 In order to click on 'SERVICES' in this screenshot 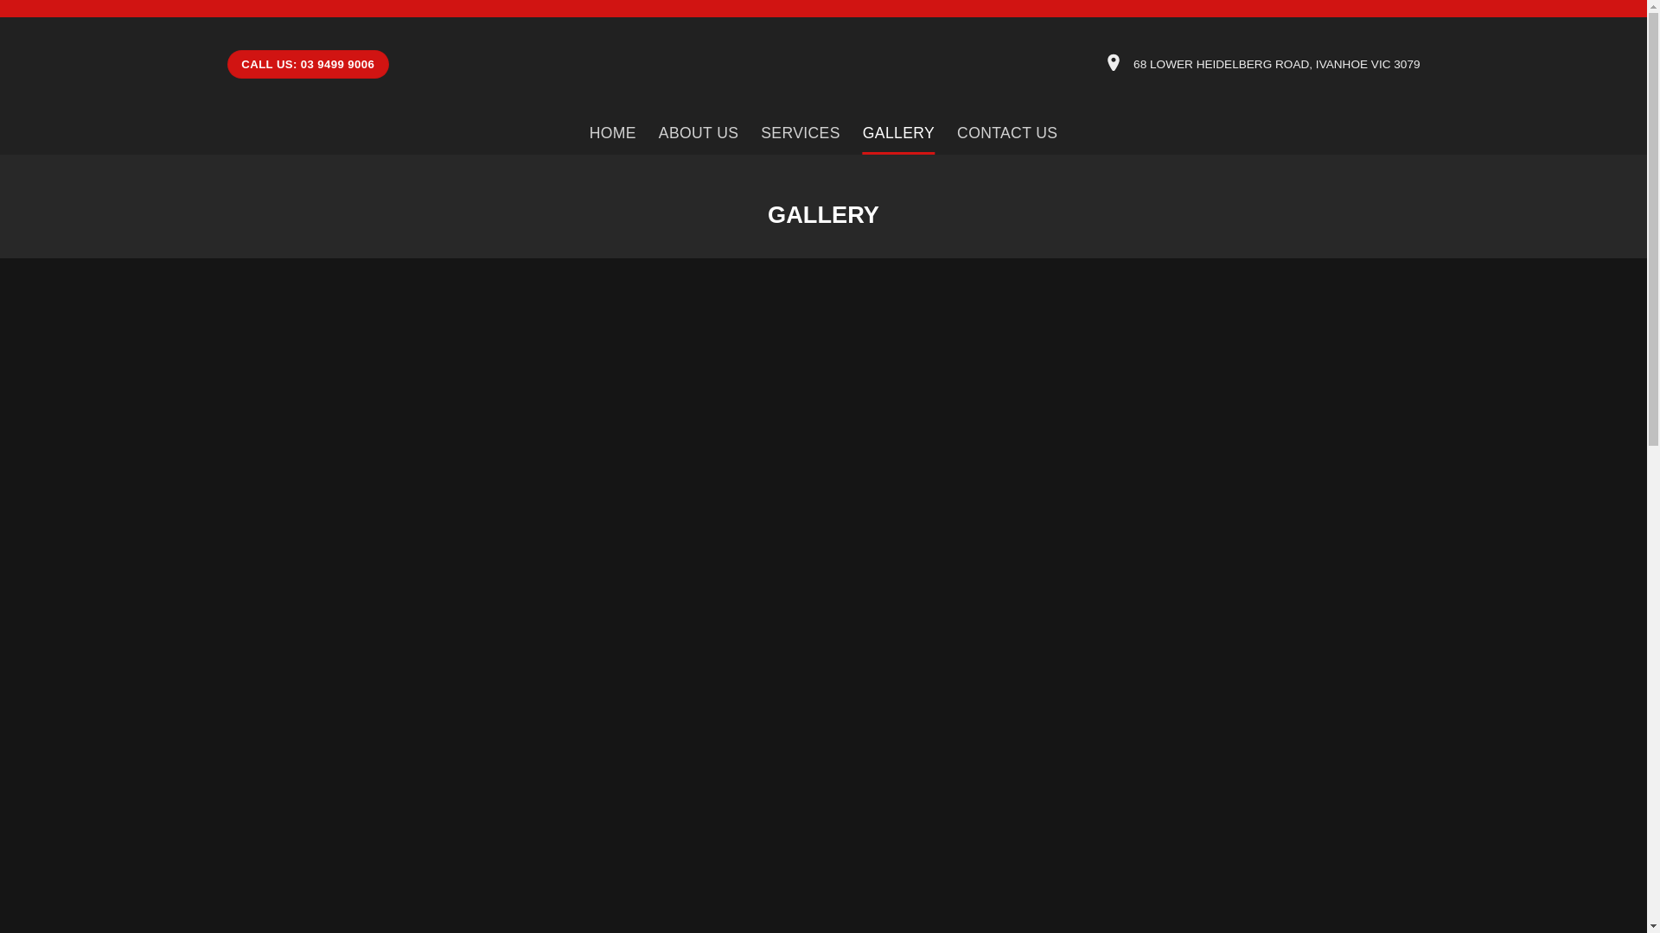, I will do `click(799, 132)`.